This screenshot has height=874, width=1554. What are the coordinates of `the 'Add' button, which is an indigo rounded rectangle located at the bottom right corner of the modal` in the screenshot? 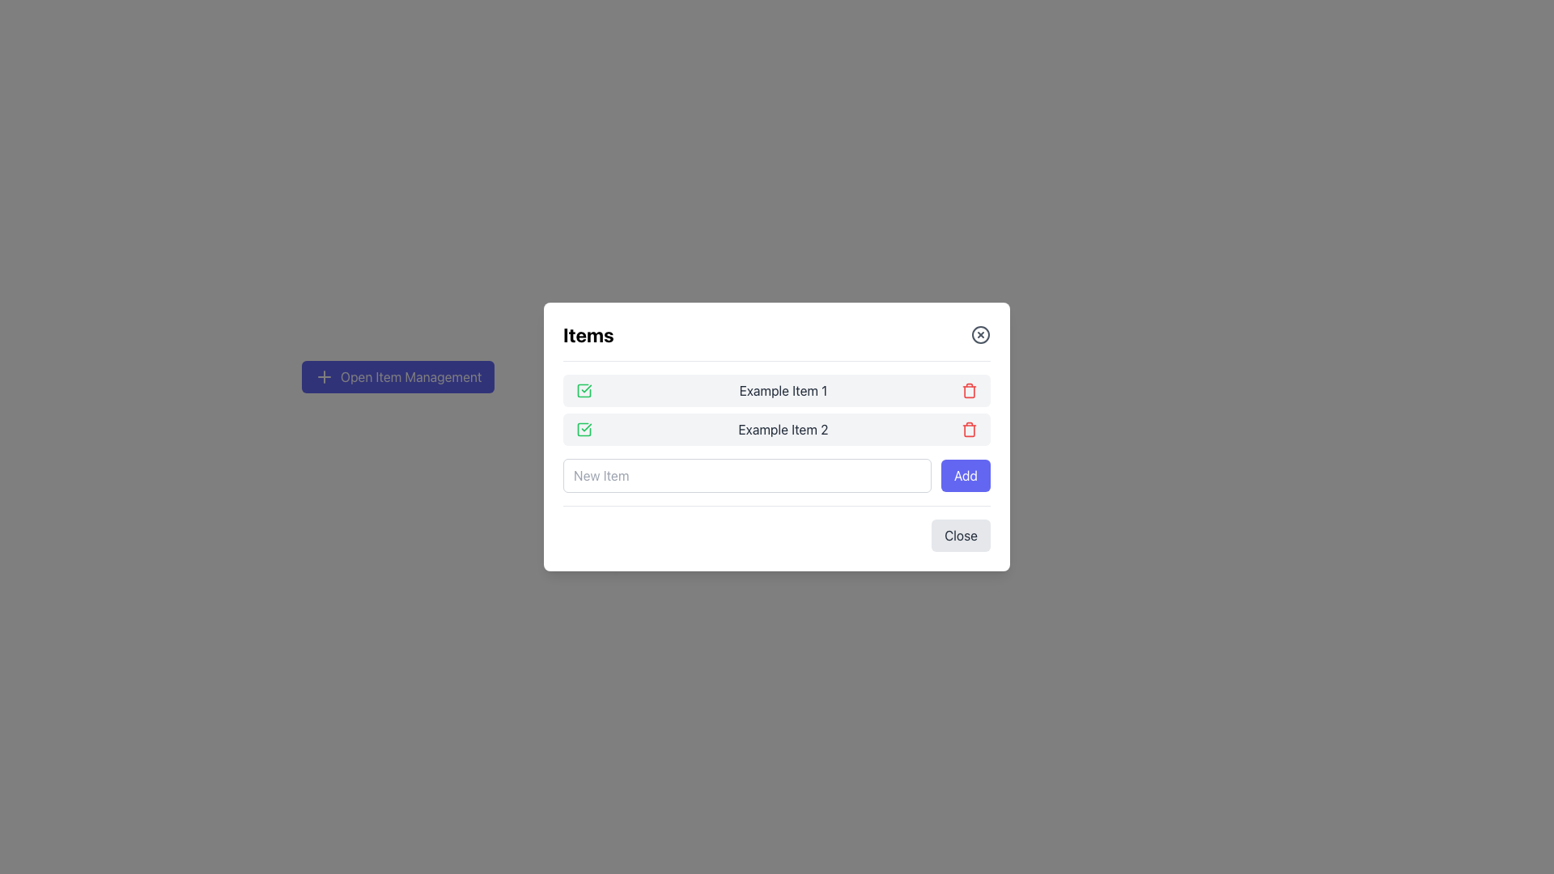 It's located at (966, 474).